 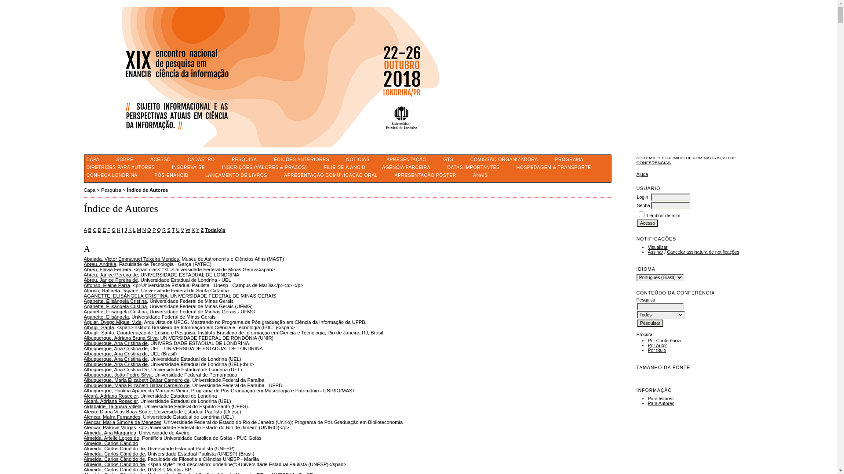 I want to click on 'Assinar', so click(x=655, y=252).